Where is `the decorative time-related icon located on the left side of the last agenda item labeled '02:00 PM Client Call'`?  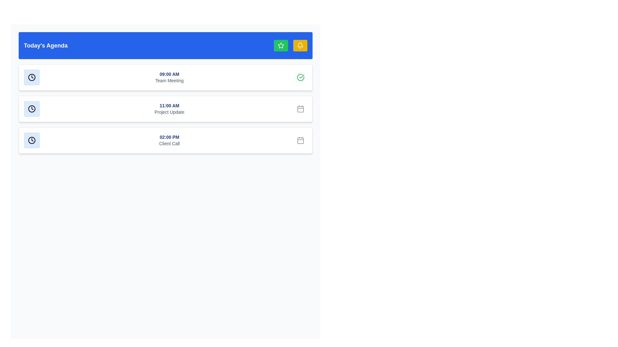 the decorative time-related icon located on the left side of the last agenda item labeled '02:00 PM Client Call' is located at coordinates (32, 140).